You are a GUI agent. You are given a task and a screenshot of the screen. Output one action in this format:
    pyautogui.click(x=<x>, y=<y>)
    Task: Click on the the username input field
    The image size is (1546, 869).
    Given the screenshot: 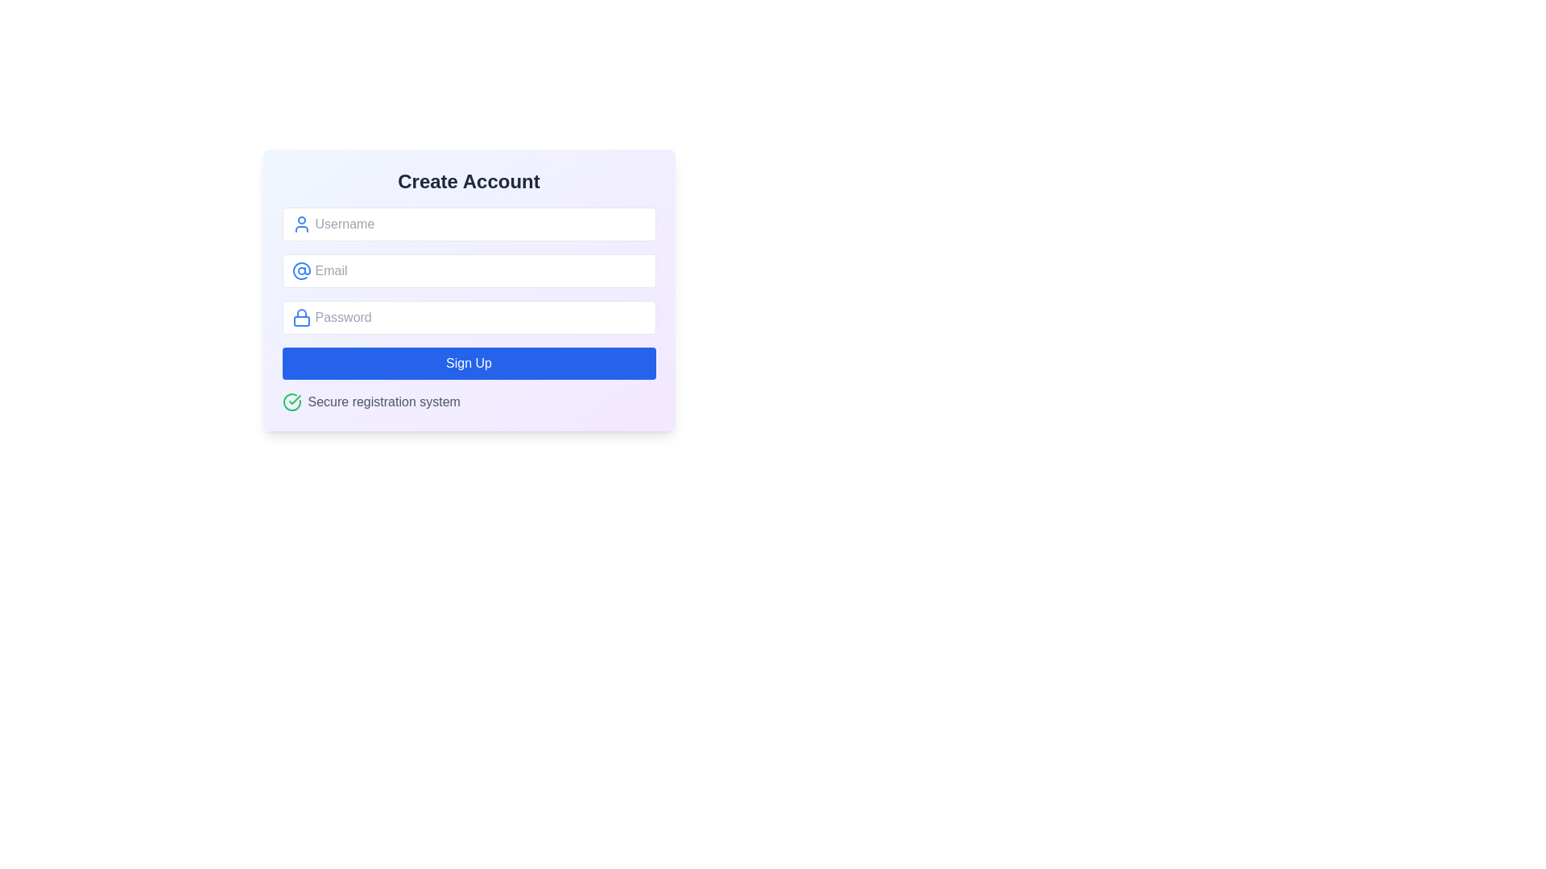 What is the action you would take?
    pyautogui.click(x=468, y=224)
    